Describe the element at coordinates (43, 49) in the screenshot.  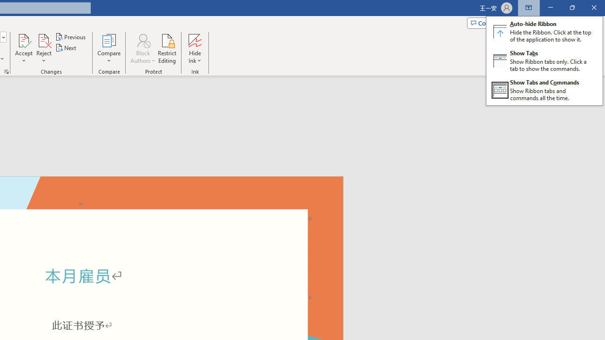
I see `'Reject'` at that location.